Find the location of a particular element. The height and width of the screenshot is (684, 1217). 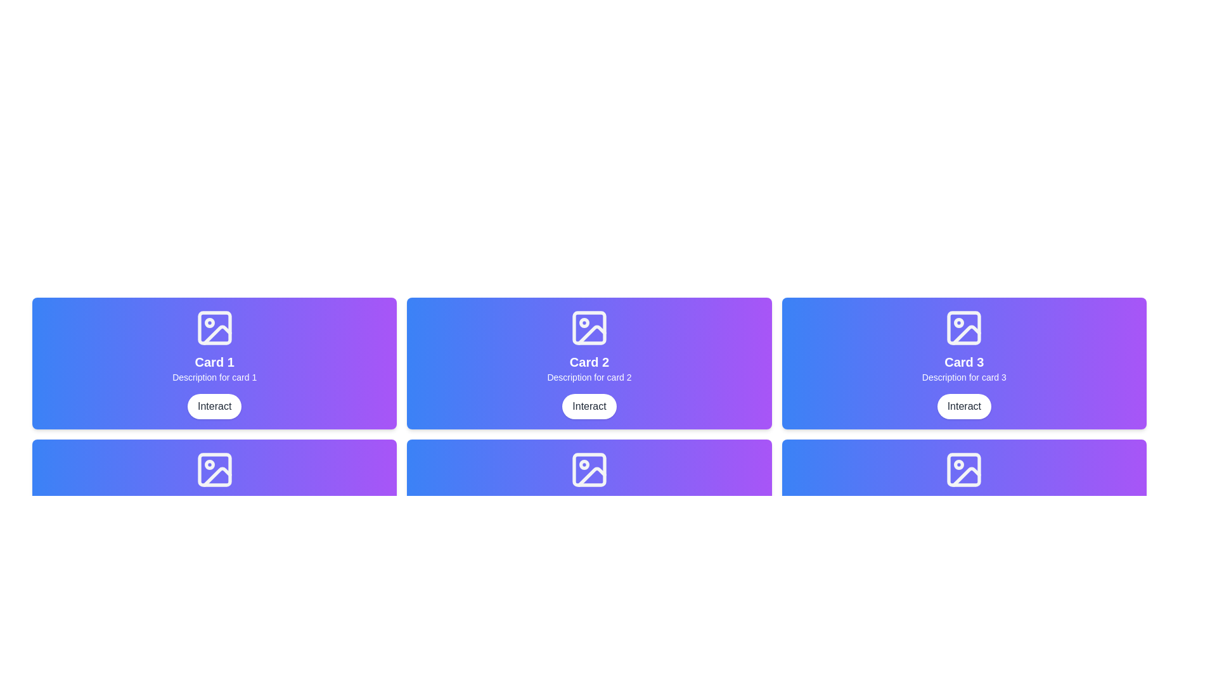

the Image Icon, which is a graphical icon with a circular detail at the top left corner and a diagonal line representing a landscape, positioned at the center of the lower panel below 'Card 2' is located at coordinates (589, 469).